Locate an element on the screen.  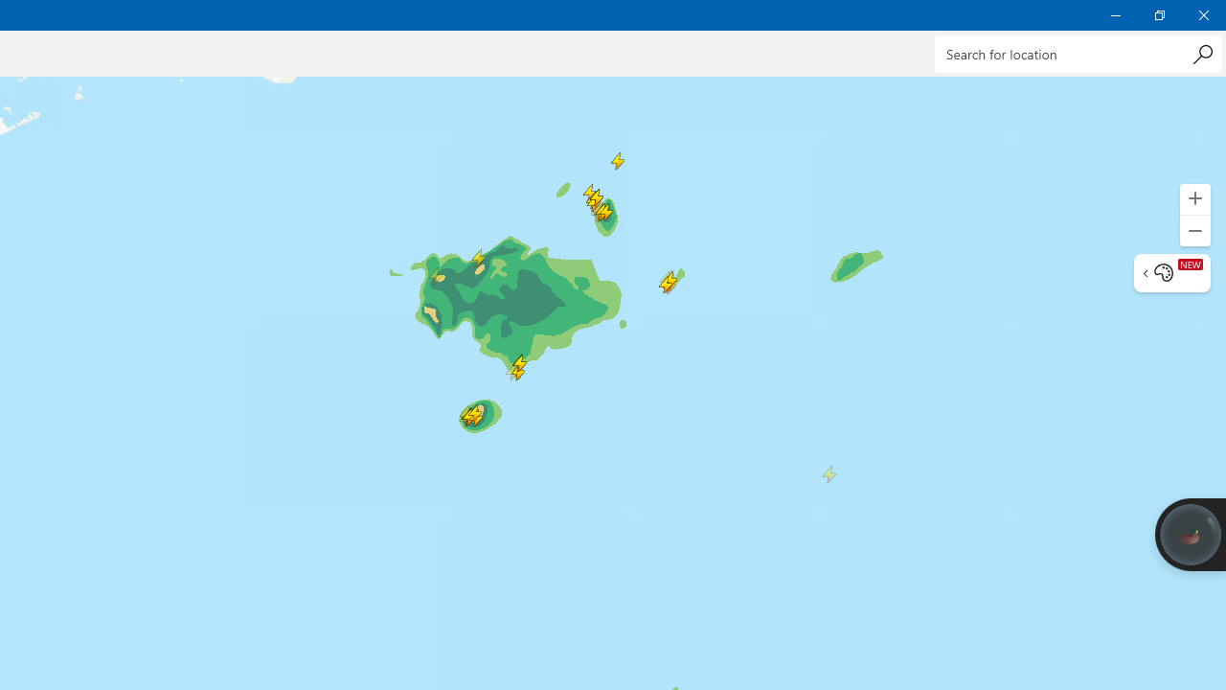
'Search' is located at coordinates (1201, 53).